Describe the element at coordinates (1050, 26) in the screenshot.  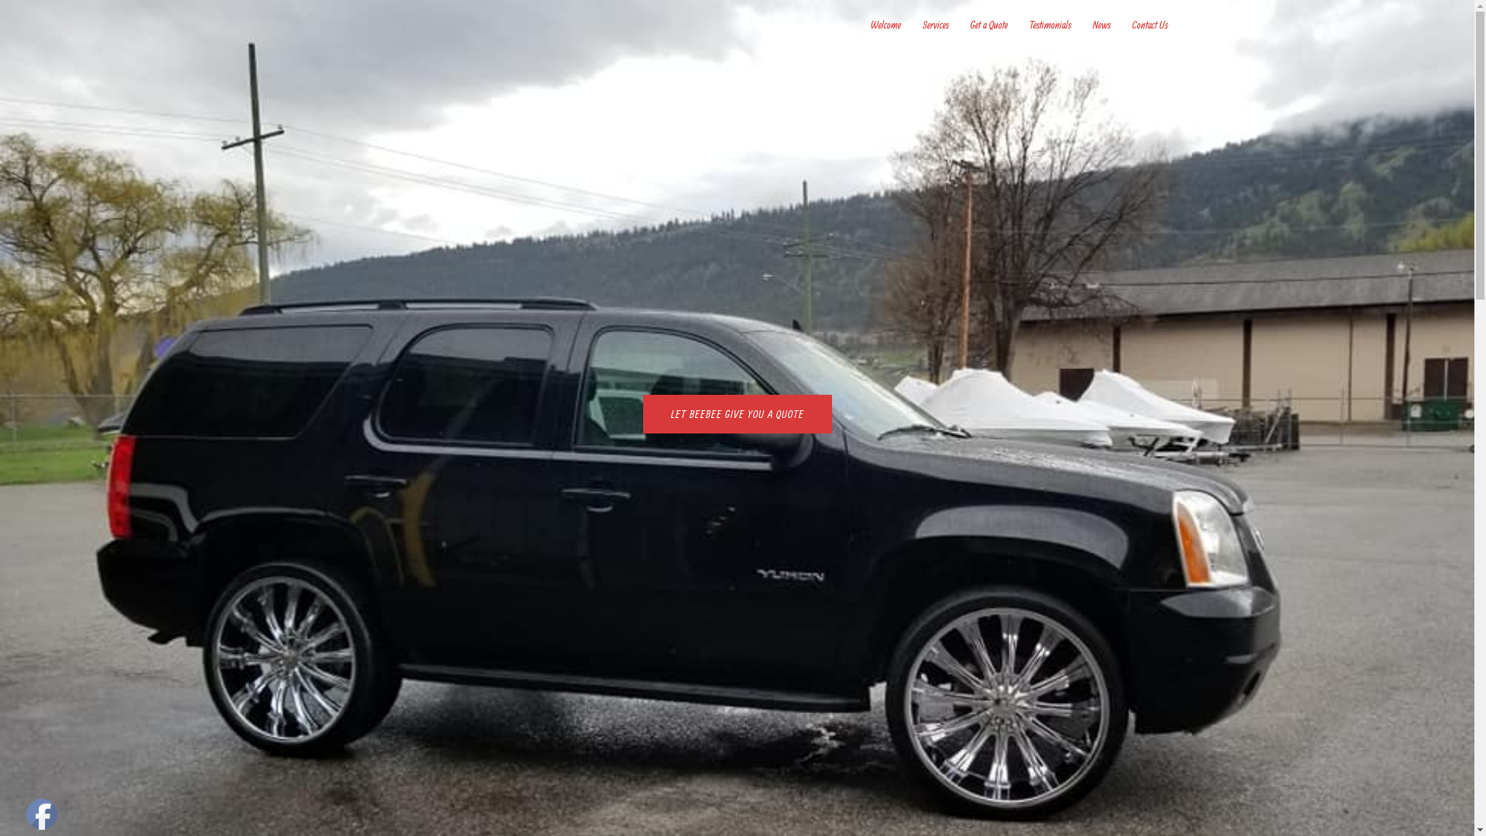
I see `'Testimonials'` at that location.